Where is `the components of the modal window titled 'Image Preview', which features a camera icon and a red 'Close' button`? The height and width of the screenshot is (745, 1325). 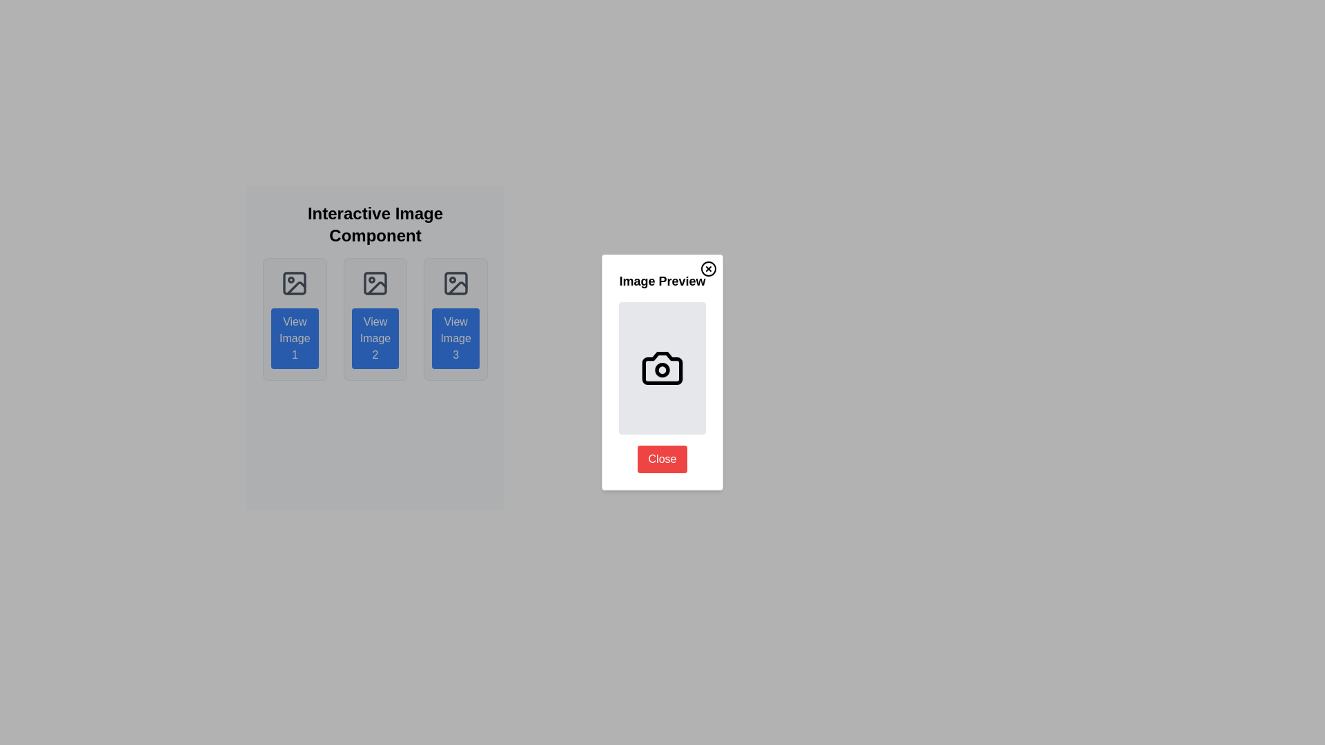 the components of the modal window titled 'Image Preview', which features a camera icon and a red 'Close' button is located at coordinates (662, 372).